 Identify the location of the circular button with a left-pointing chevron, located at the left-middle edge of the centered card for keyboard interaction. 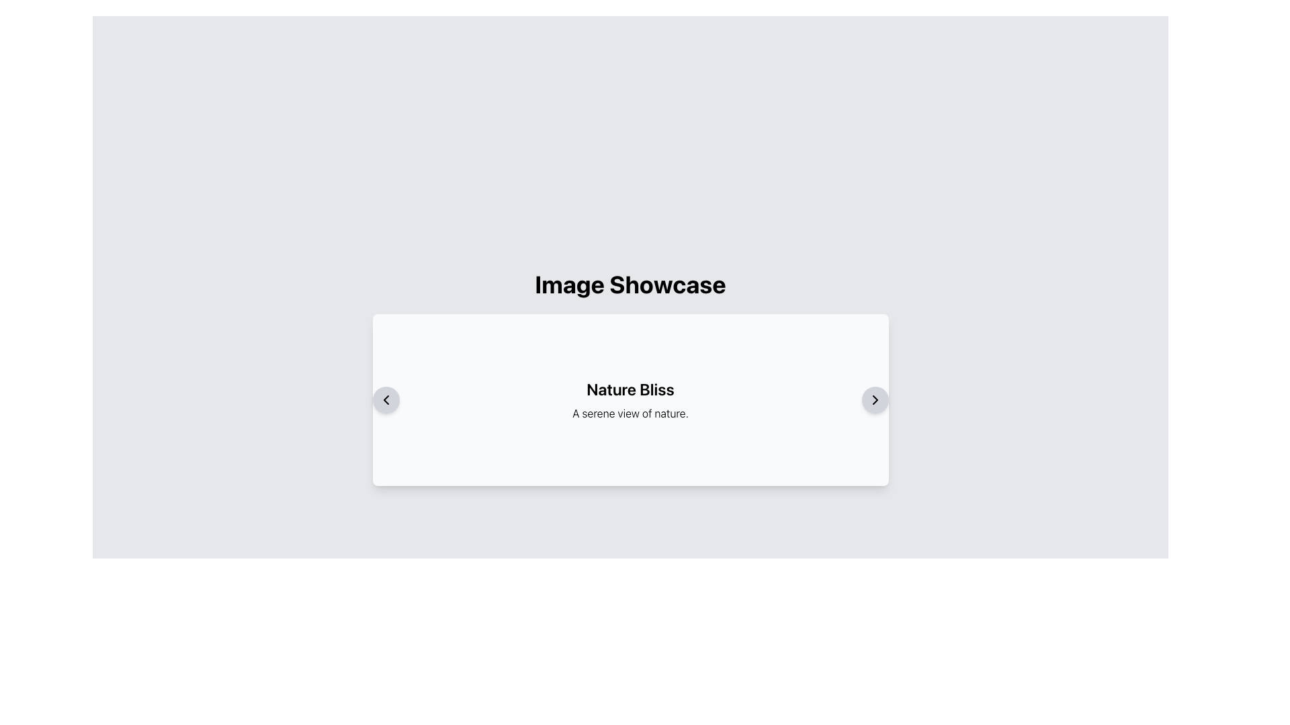
(385, 399).